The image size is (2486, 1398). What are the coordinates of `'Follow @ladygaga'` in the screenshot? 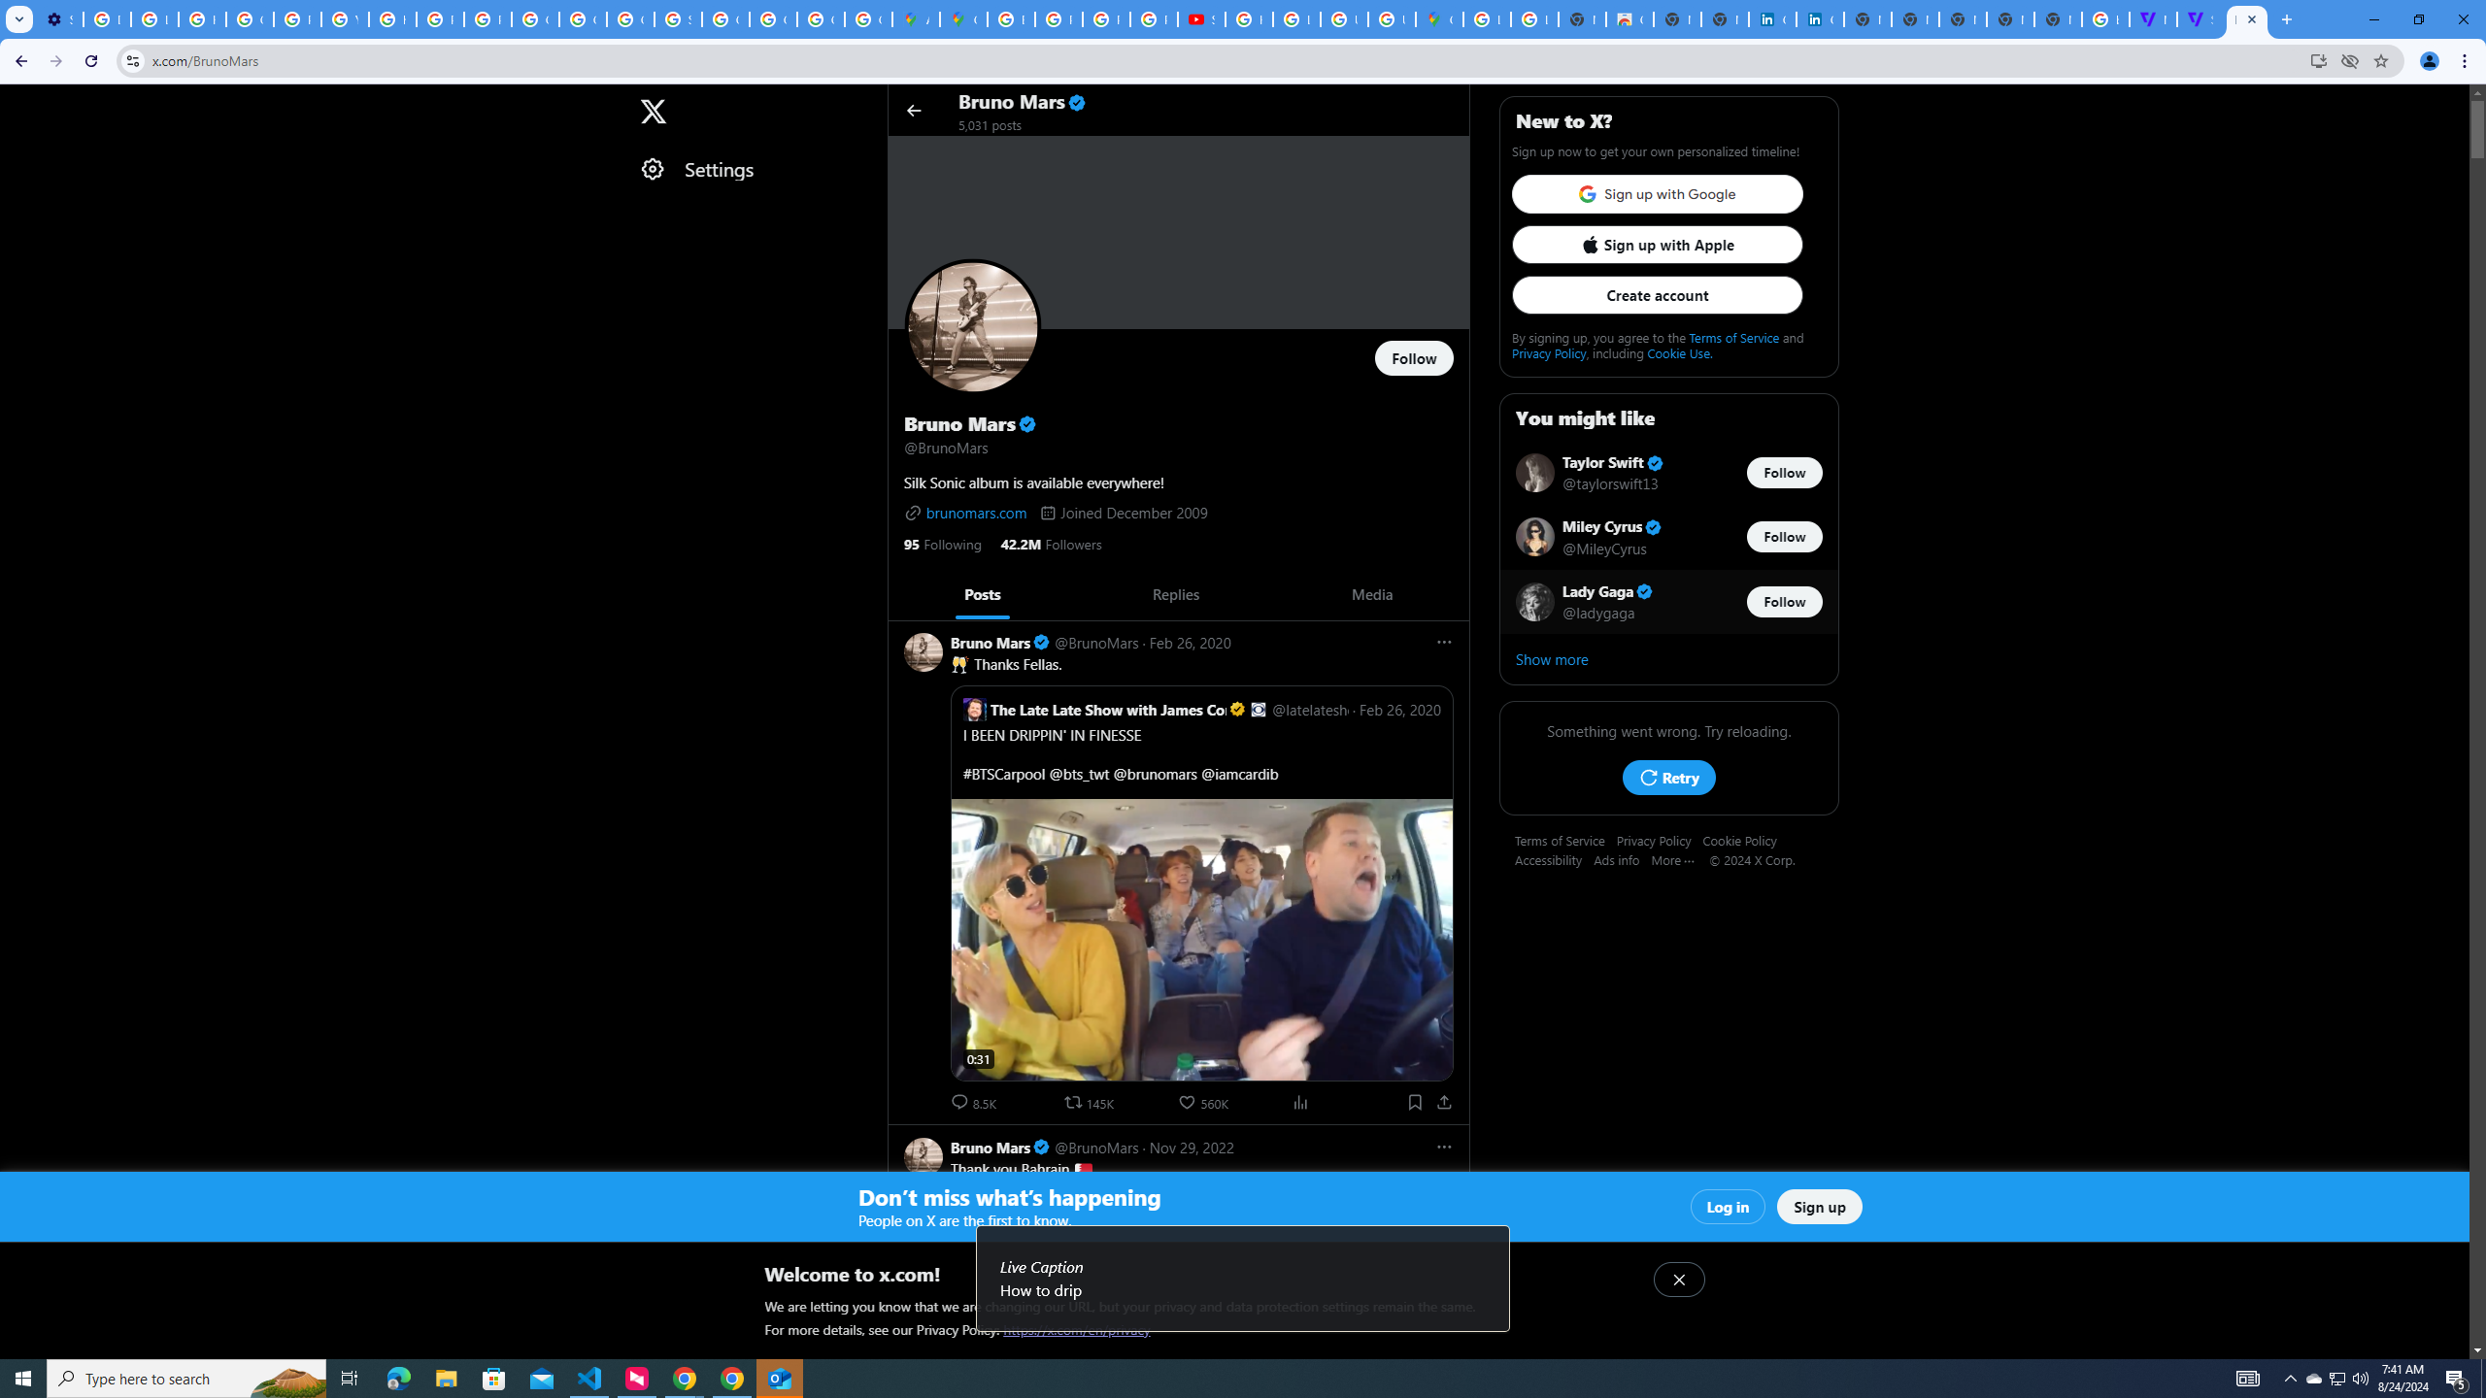 It's located at (1785, 600).